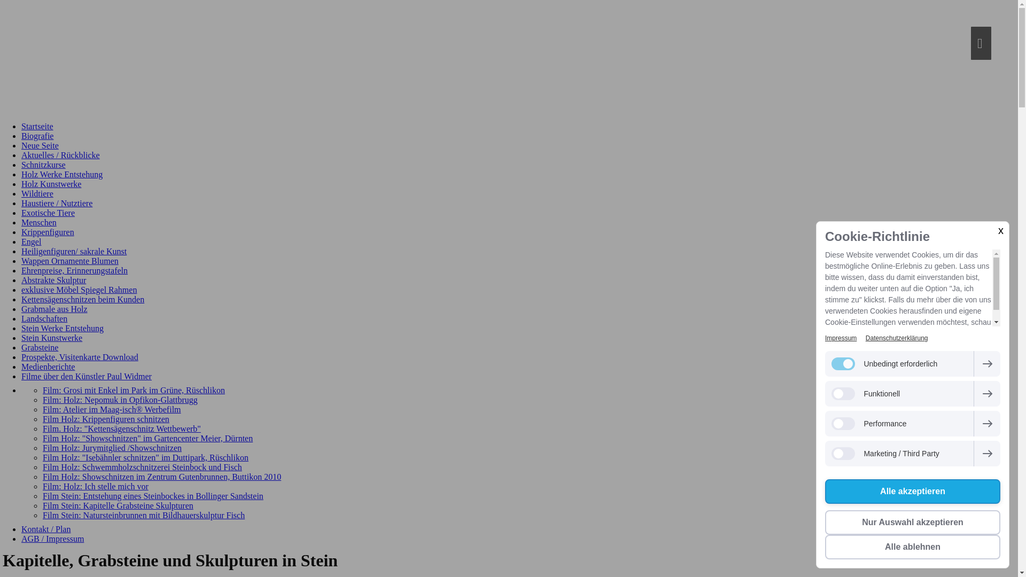  I want to click on 'Film: Holz: Ich stelle mich vor', so click(95, 486).